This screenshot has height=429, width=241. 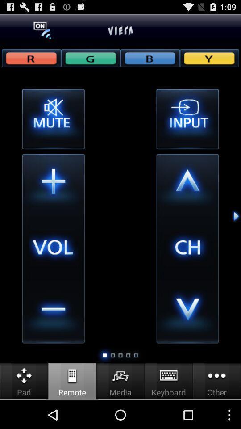 What do you see at coordinates (187, 312) in the screenshot?
I see `previous channel` at bounding box center [187, 312].